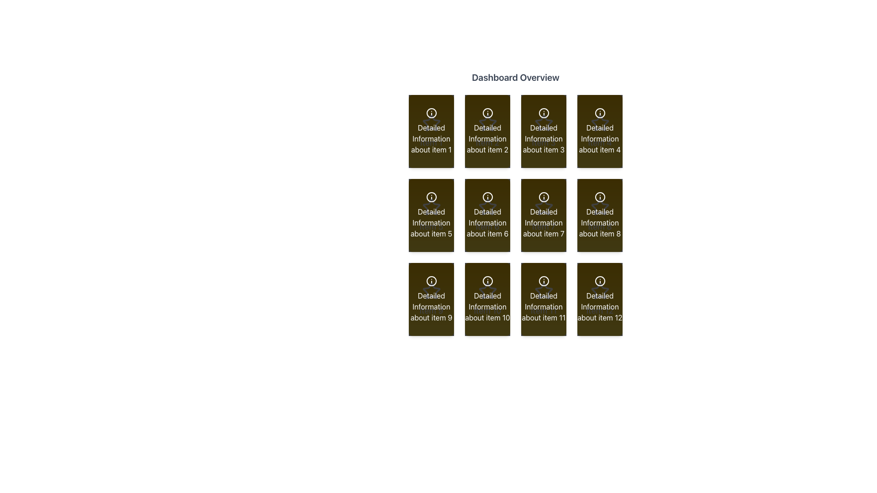  What do you see at coordinates (544, 281) in the screenshot?
I see `the SVG Circle centered within the information icon in the third row and third column of a 4x3 grid layout, above the heading 'Detailed Information about item 11'` at bounding box center [544, 281].